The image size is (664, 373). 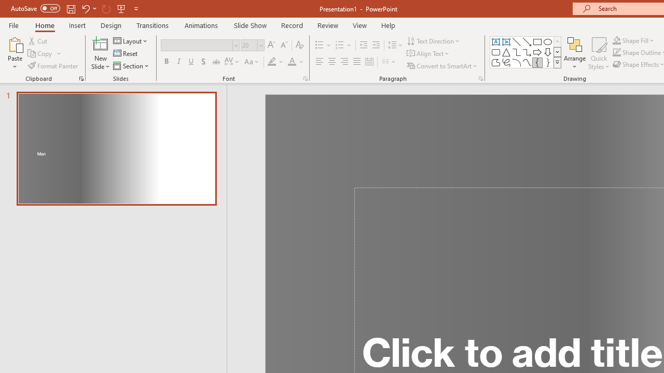 I want to click on 'Justify', so click(x=357, y=62).